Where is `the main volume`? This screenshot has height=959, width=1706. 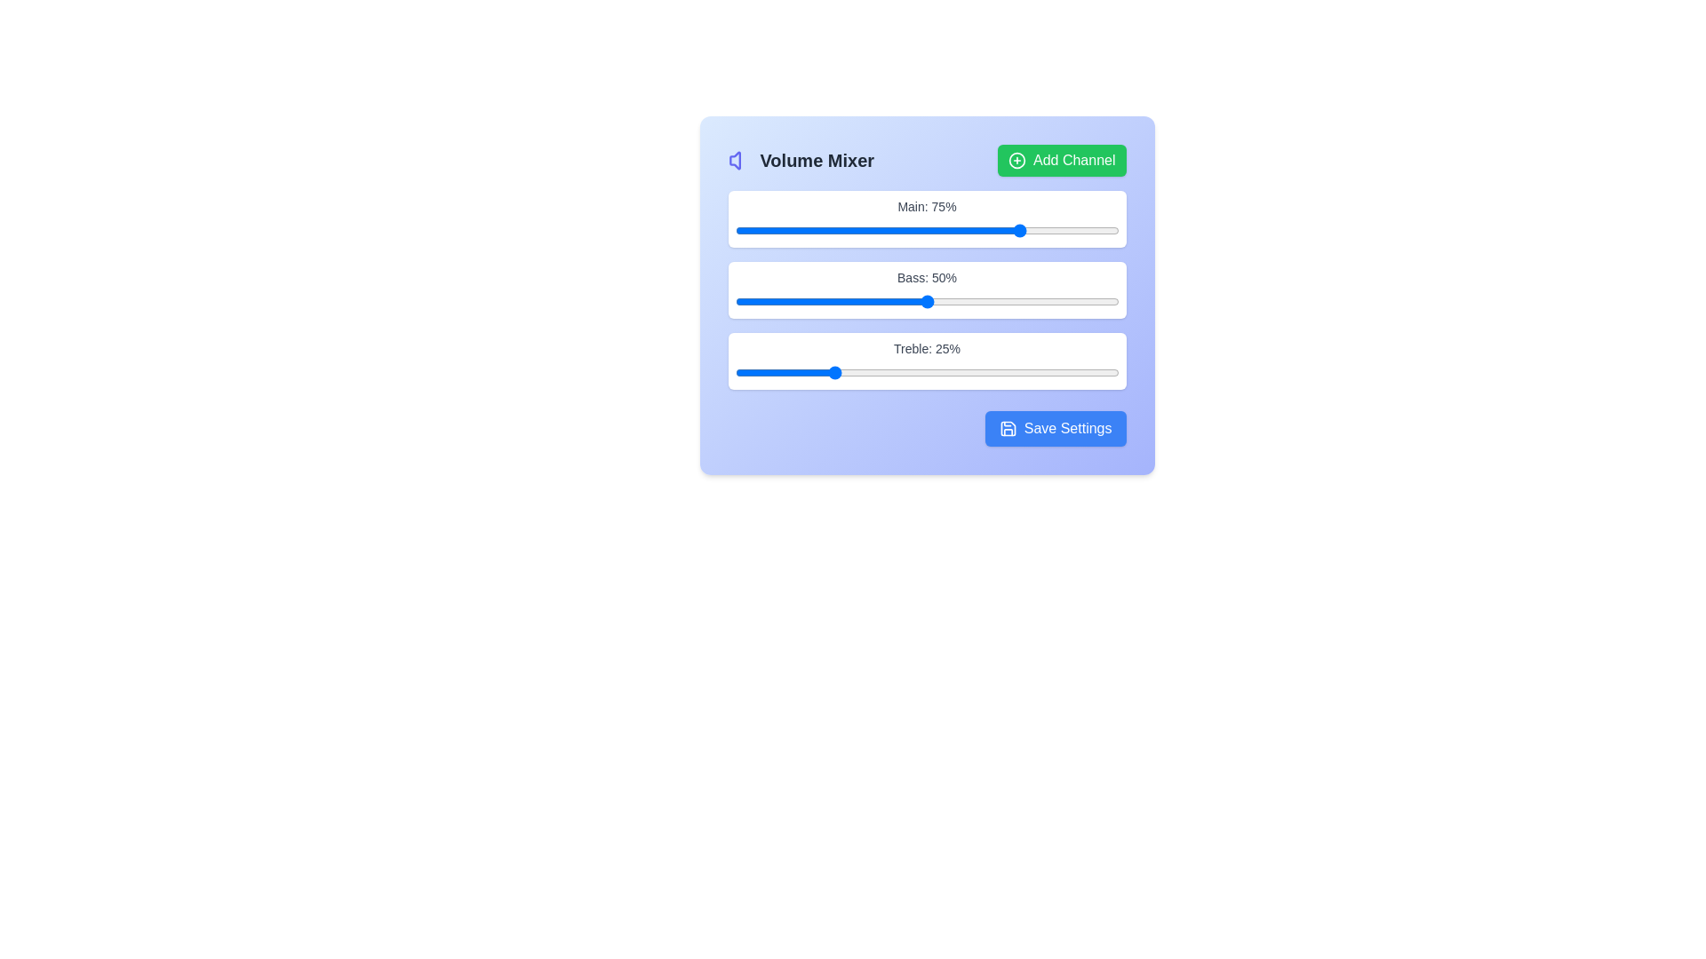 the main volume is located at coordinates (1023, 229).